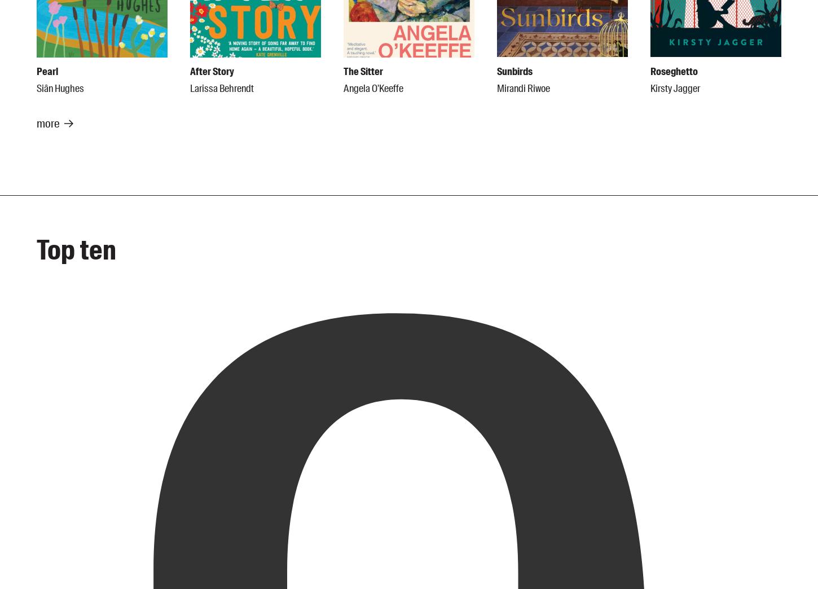 This screenshot has width=818, height=589. I want to click on 'more', so click(48, 124).